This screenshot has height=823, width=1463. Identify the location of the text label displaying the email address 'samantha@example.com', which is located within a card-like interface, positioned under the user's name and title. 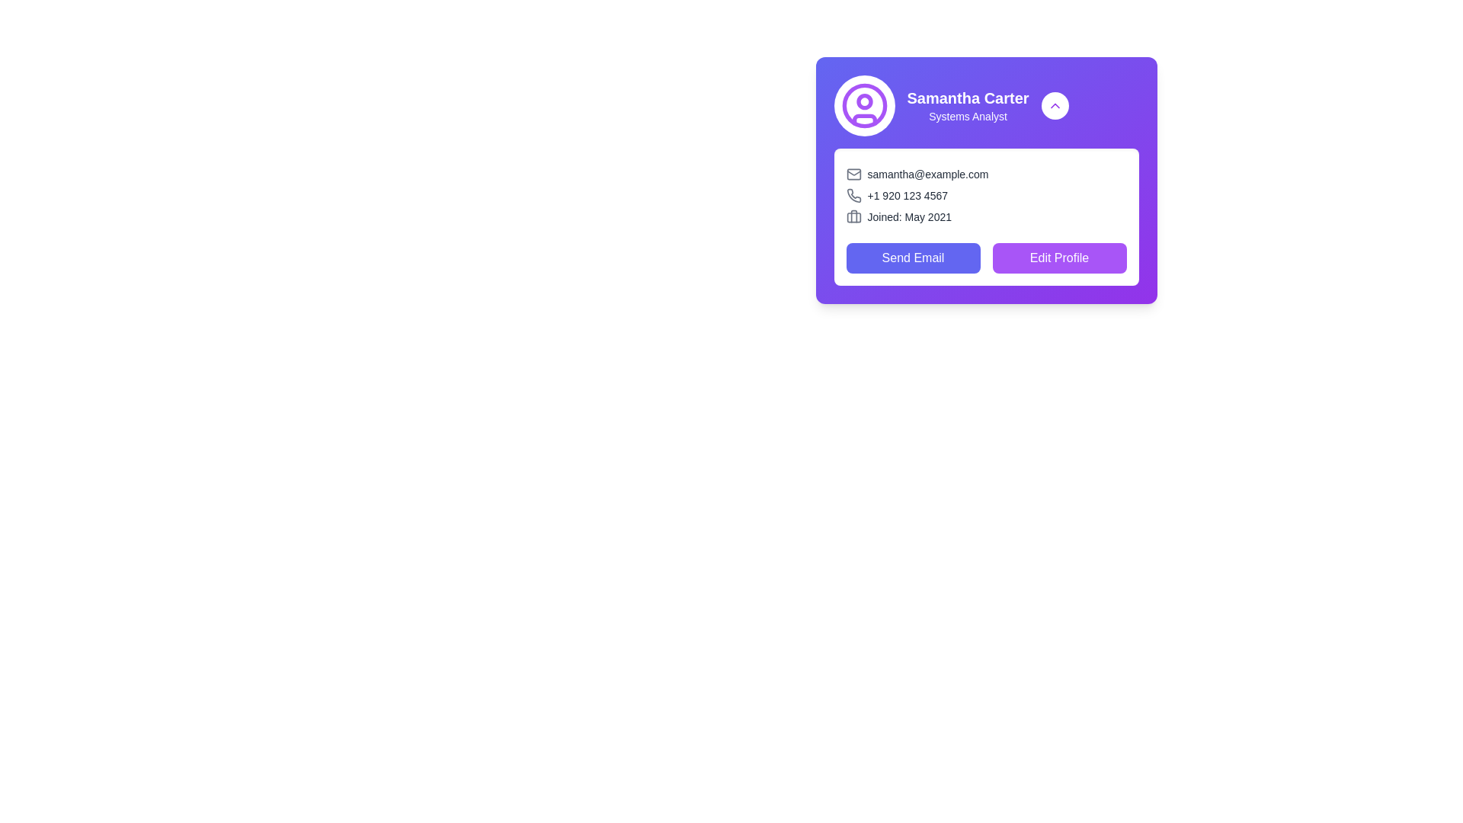
(986, 173).